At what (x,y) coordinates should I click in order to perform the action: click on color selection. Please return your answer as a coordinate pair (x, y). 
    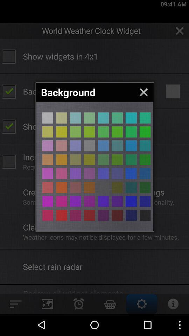
    Looking at the image, I should click on (131, 173).